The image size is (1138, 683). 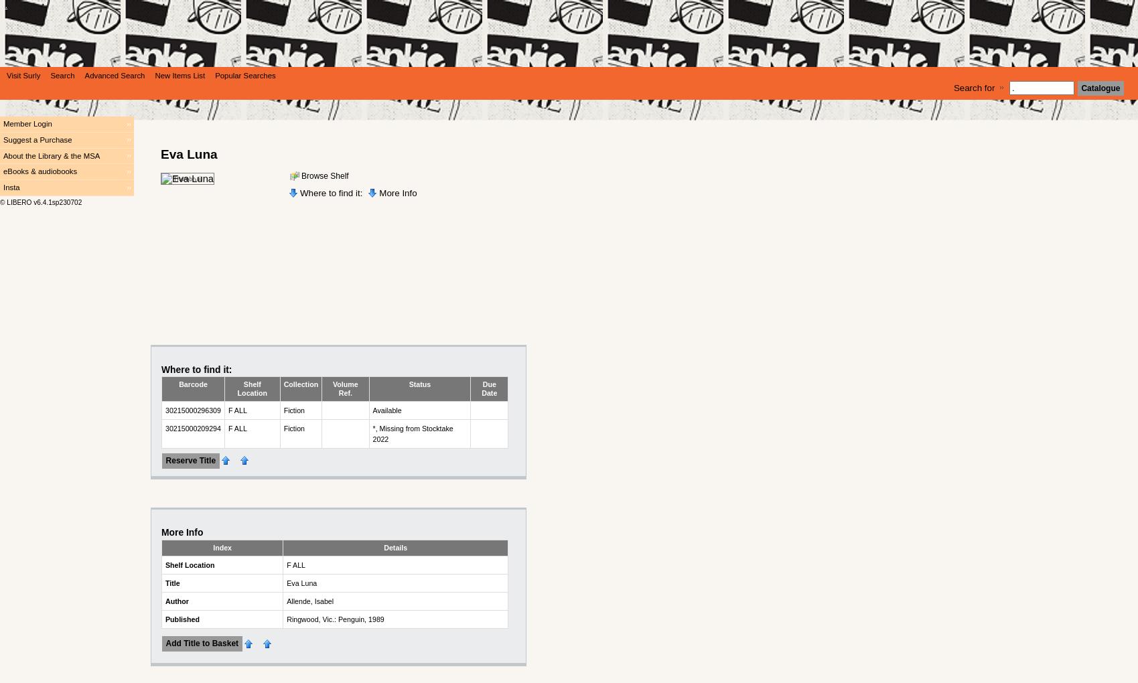 What do you see at coordinates (309, 600) in the screenshot?
I see `'Allende, Isabel'` at bounding box center [309, 600].